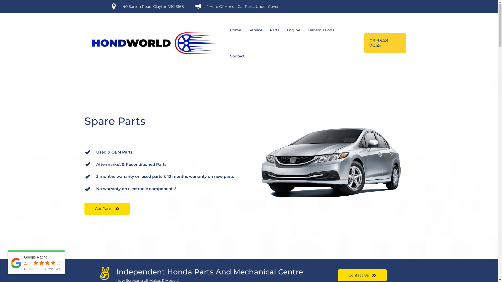 Image resolution: width=502 pixels, height=282 pixels. I want to click on 'car-10', so click(333, 163).